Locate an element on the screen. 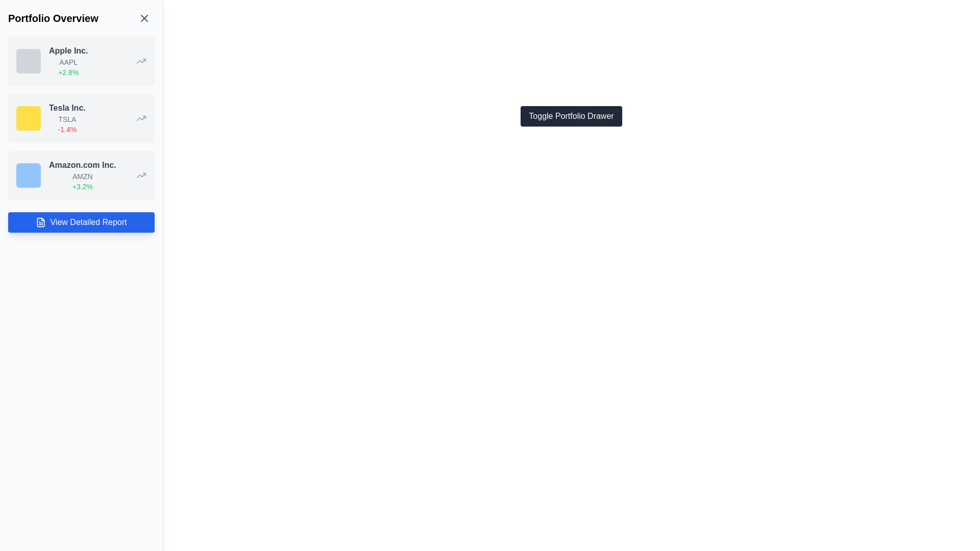 This screenshot has width=980, height=551. the small file or document icon with a white outline against a blue background, located to the left of the 'View Detailed Report' button is located at coordinates (41, 221).